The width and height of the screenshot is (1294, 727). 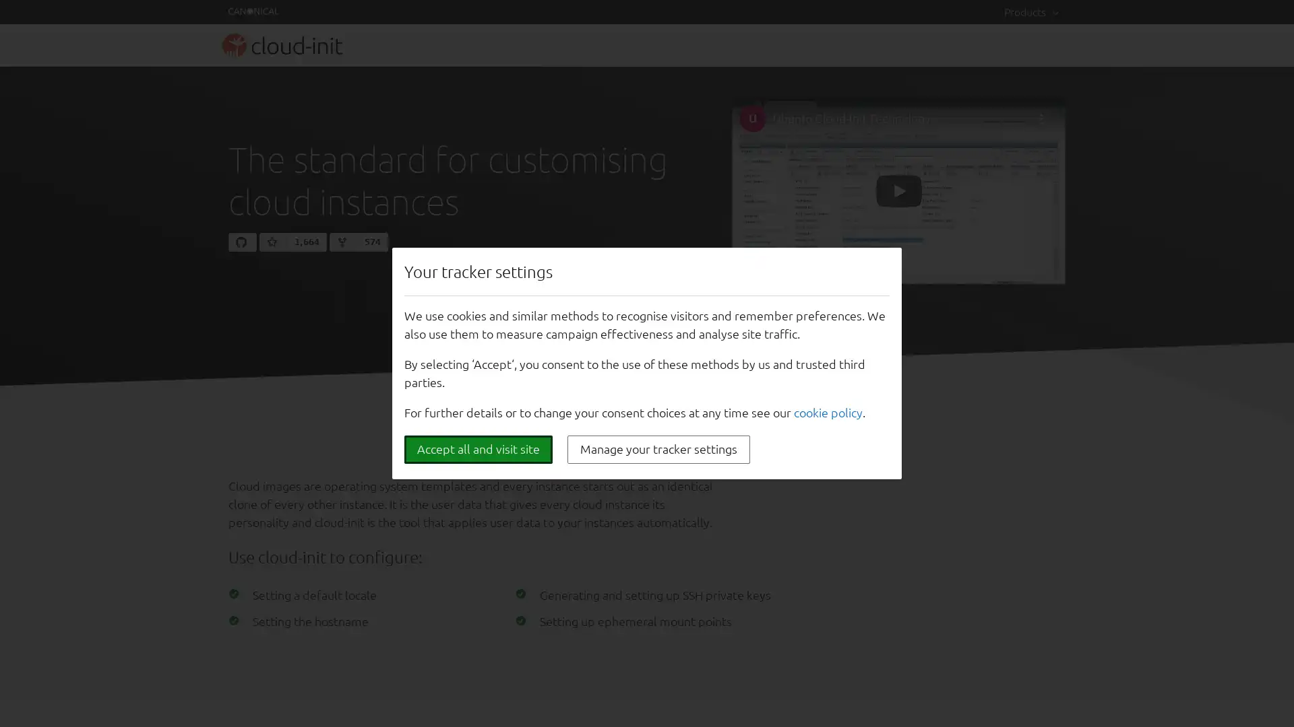 I want to click on Accept all and visit site, so click(x=479, y=449).